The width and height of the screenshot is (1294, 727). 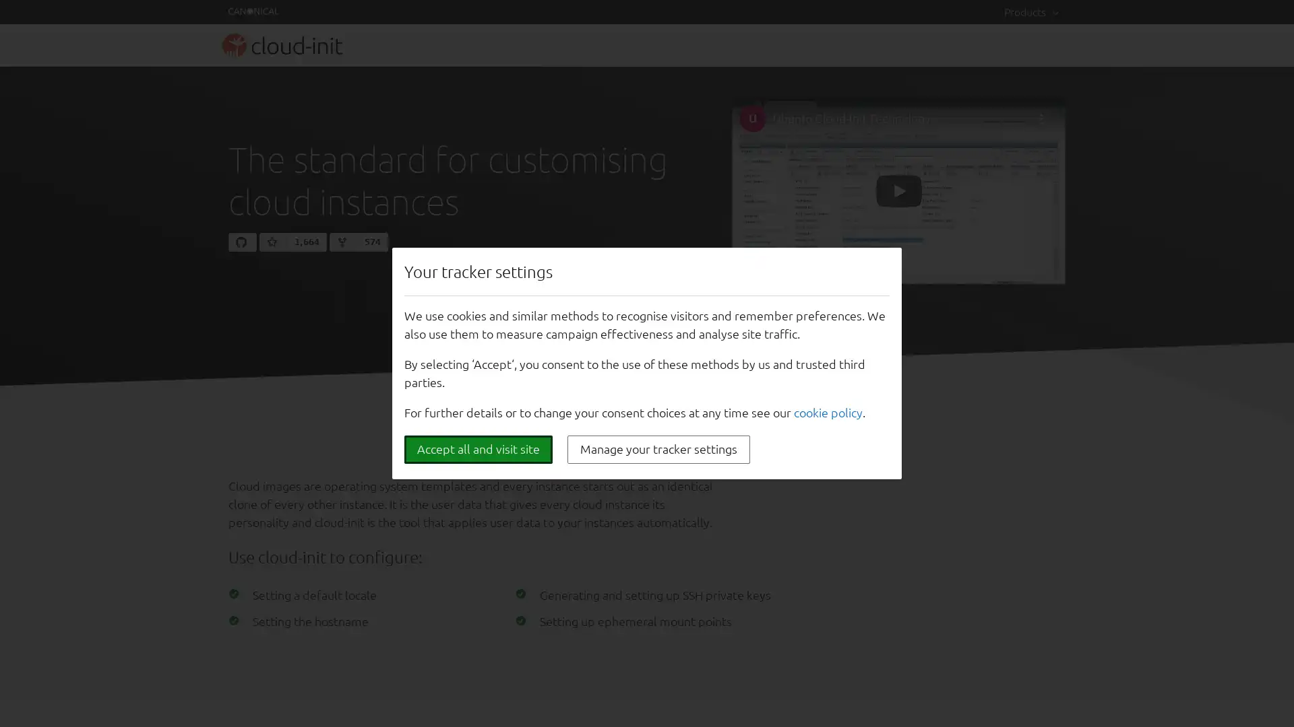 I want to click on Accept all and visit site, so click(x=479, y=449).